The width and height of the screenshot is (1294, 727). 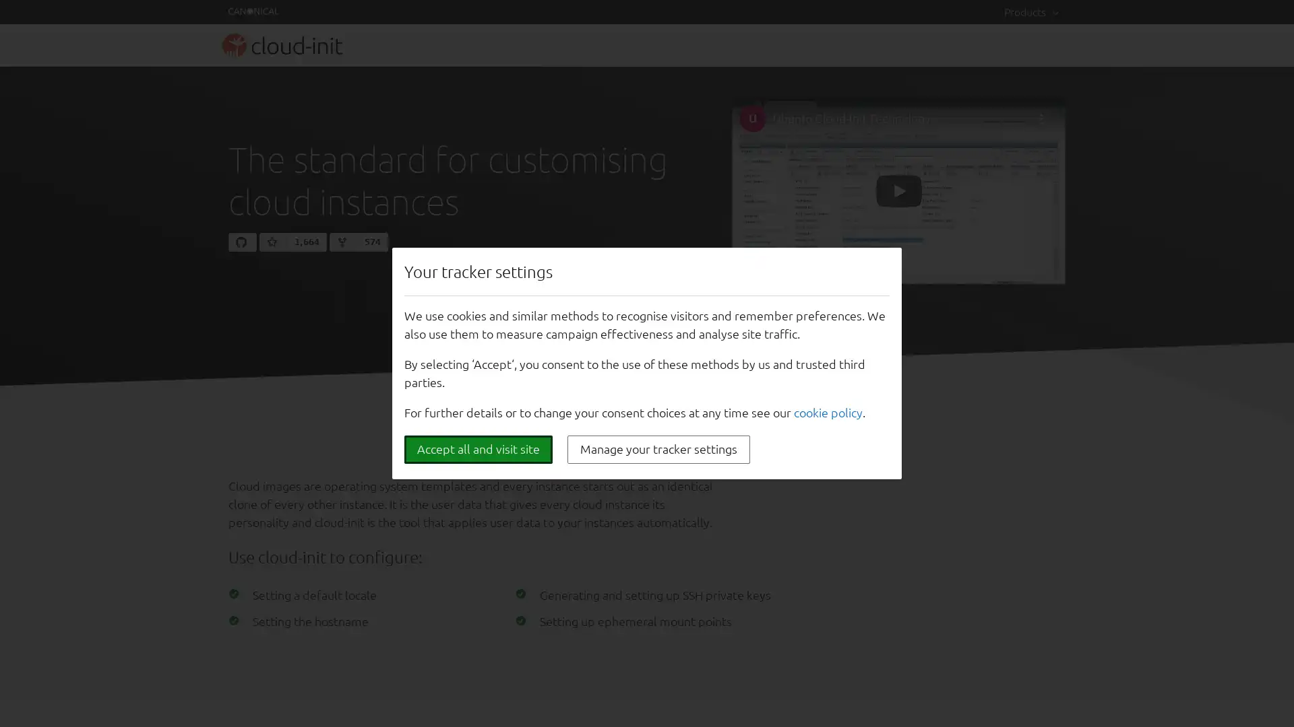 I want to click on Accept all and visit site, so click(x=479, y=449).